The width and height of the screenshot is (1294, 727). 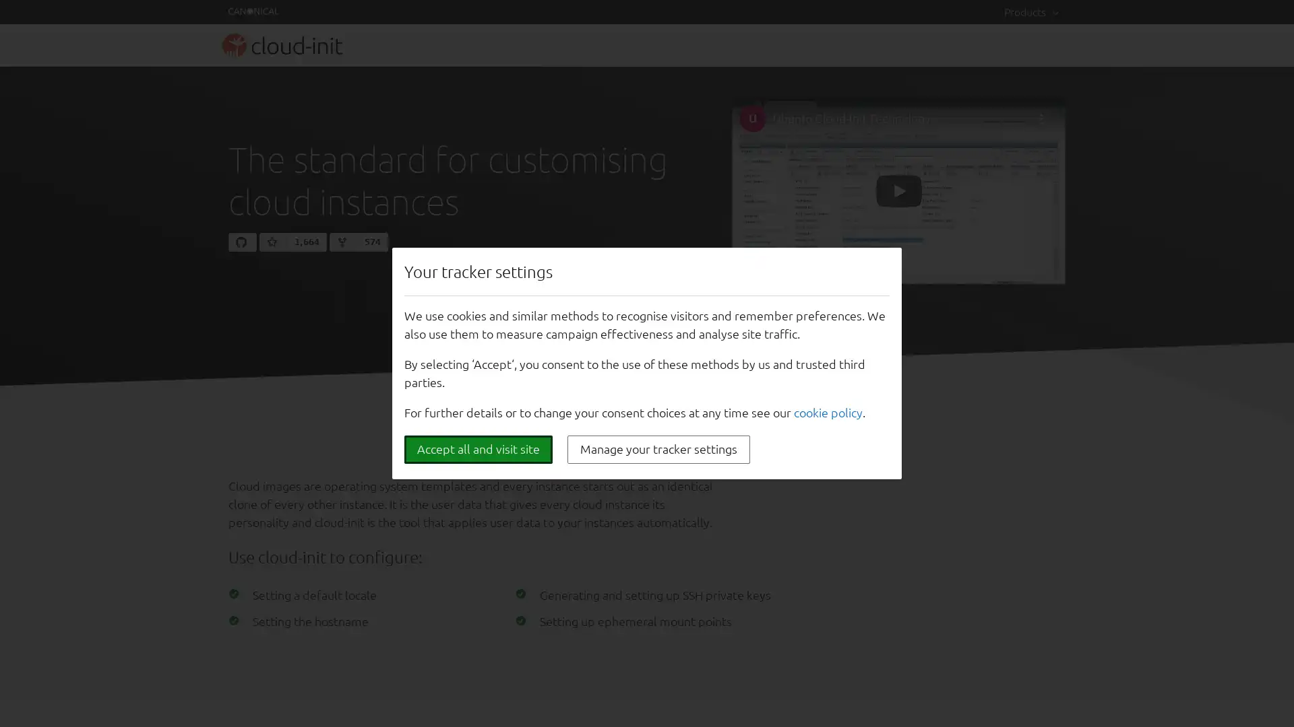 I want to click on Accept all and visit site, so click(x=479, y=449).